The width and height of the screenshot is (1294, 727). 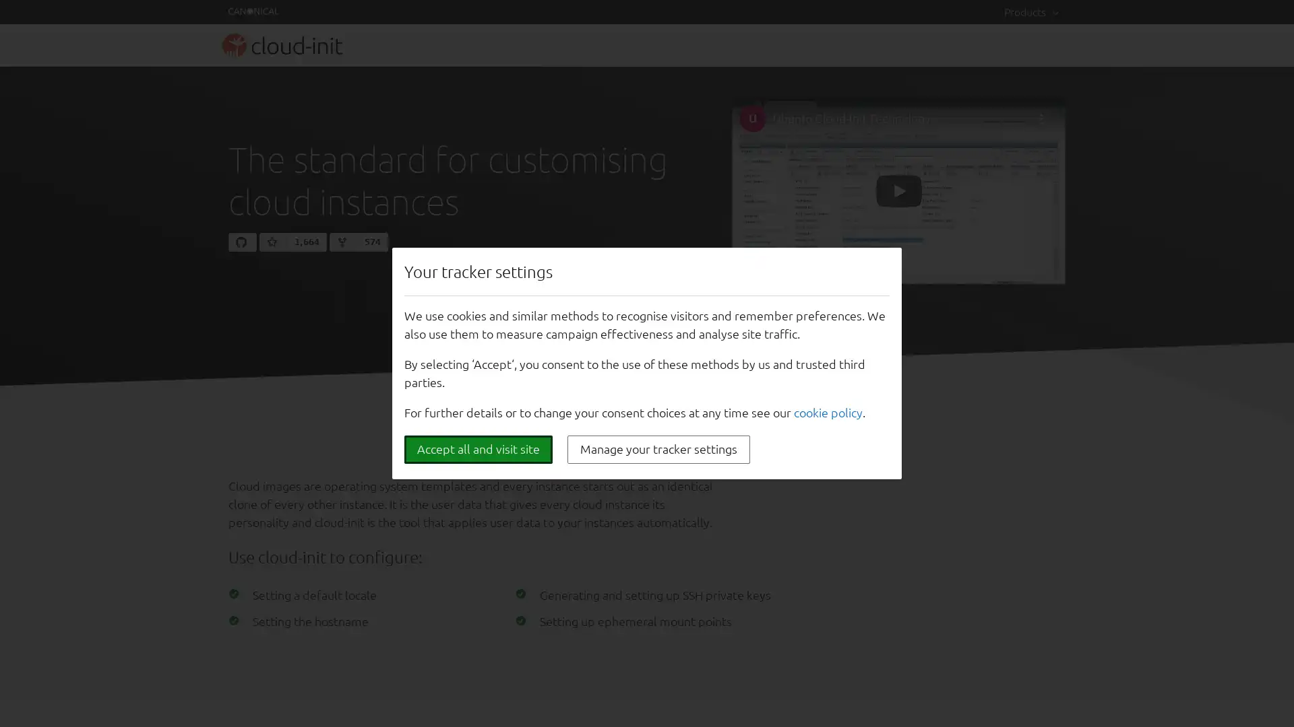 I want to click on Accept all and visit site, so click(x=479, y=449).